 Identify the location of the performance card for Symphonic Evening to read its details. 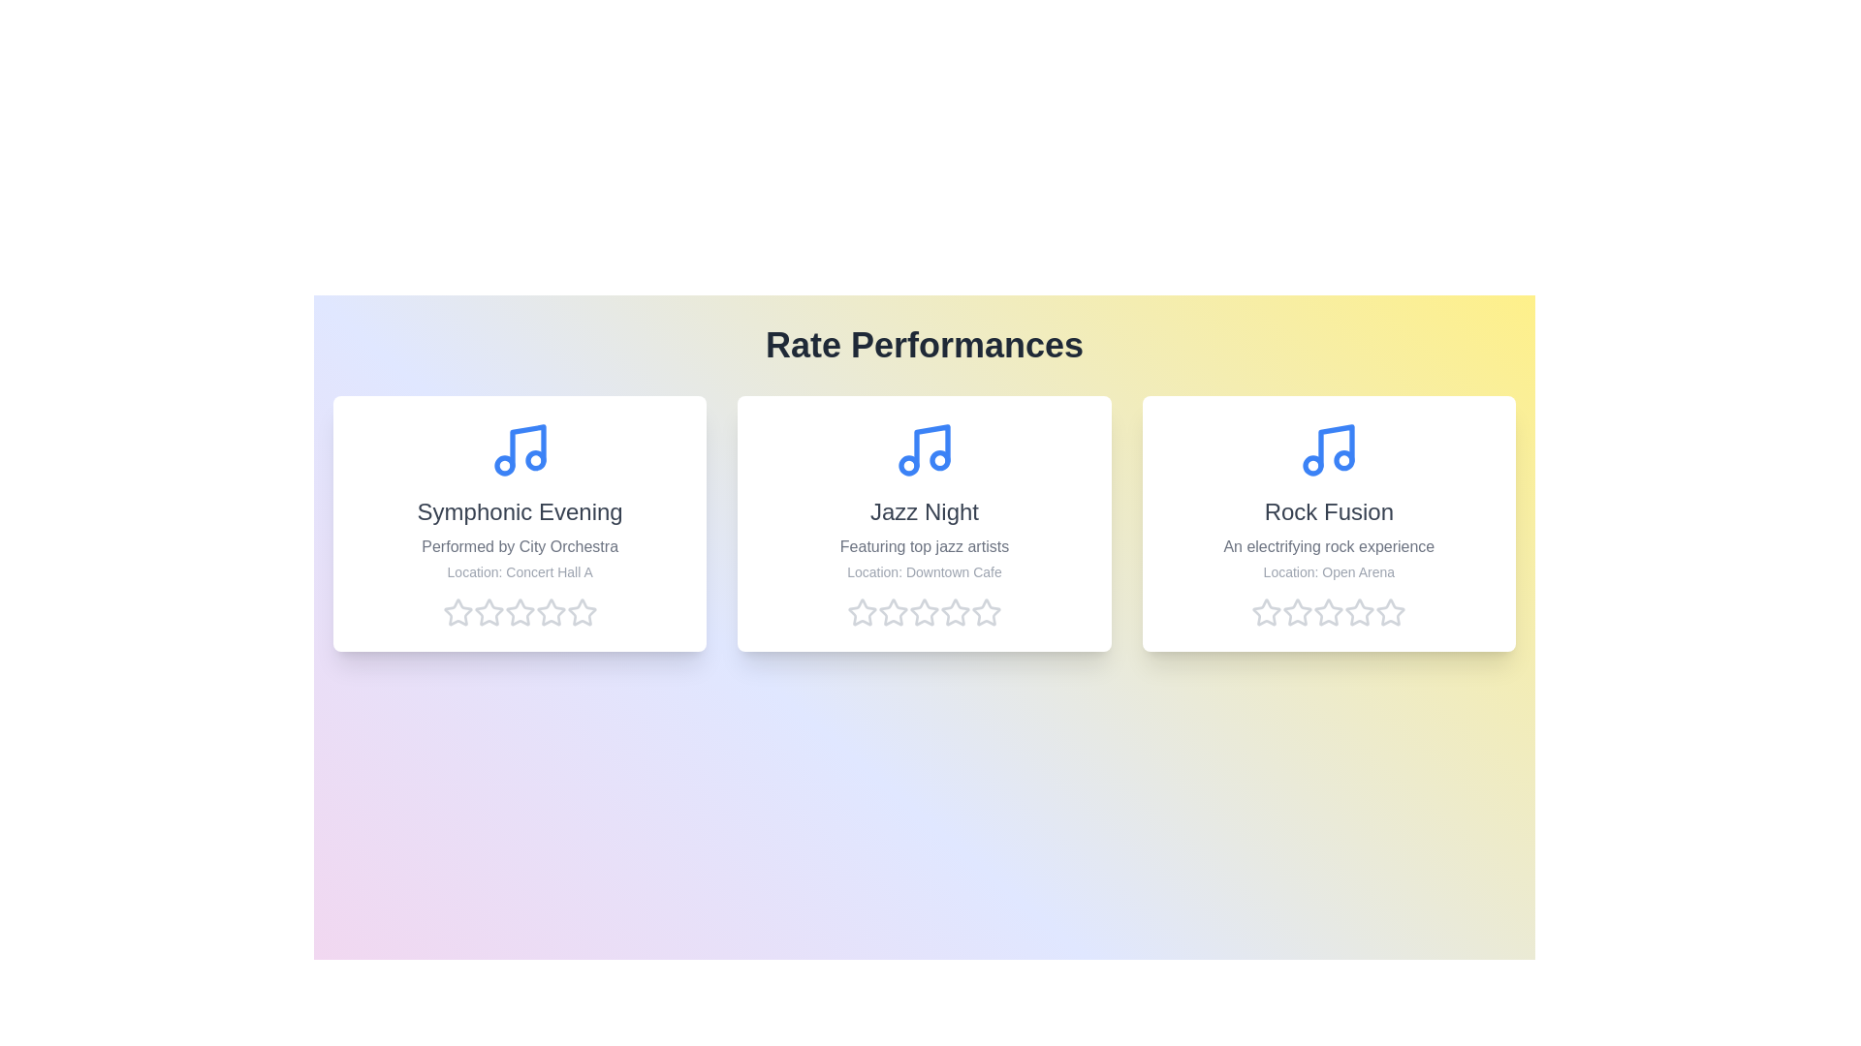
(520, 523).